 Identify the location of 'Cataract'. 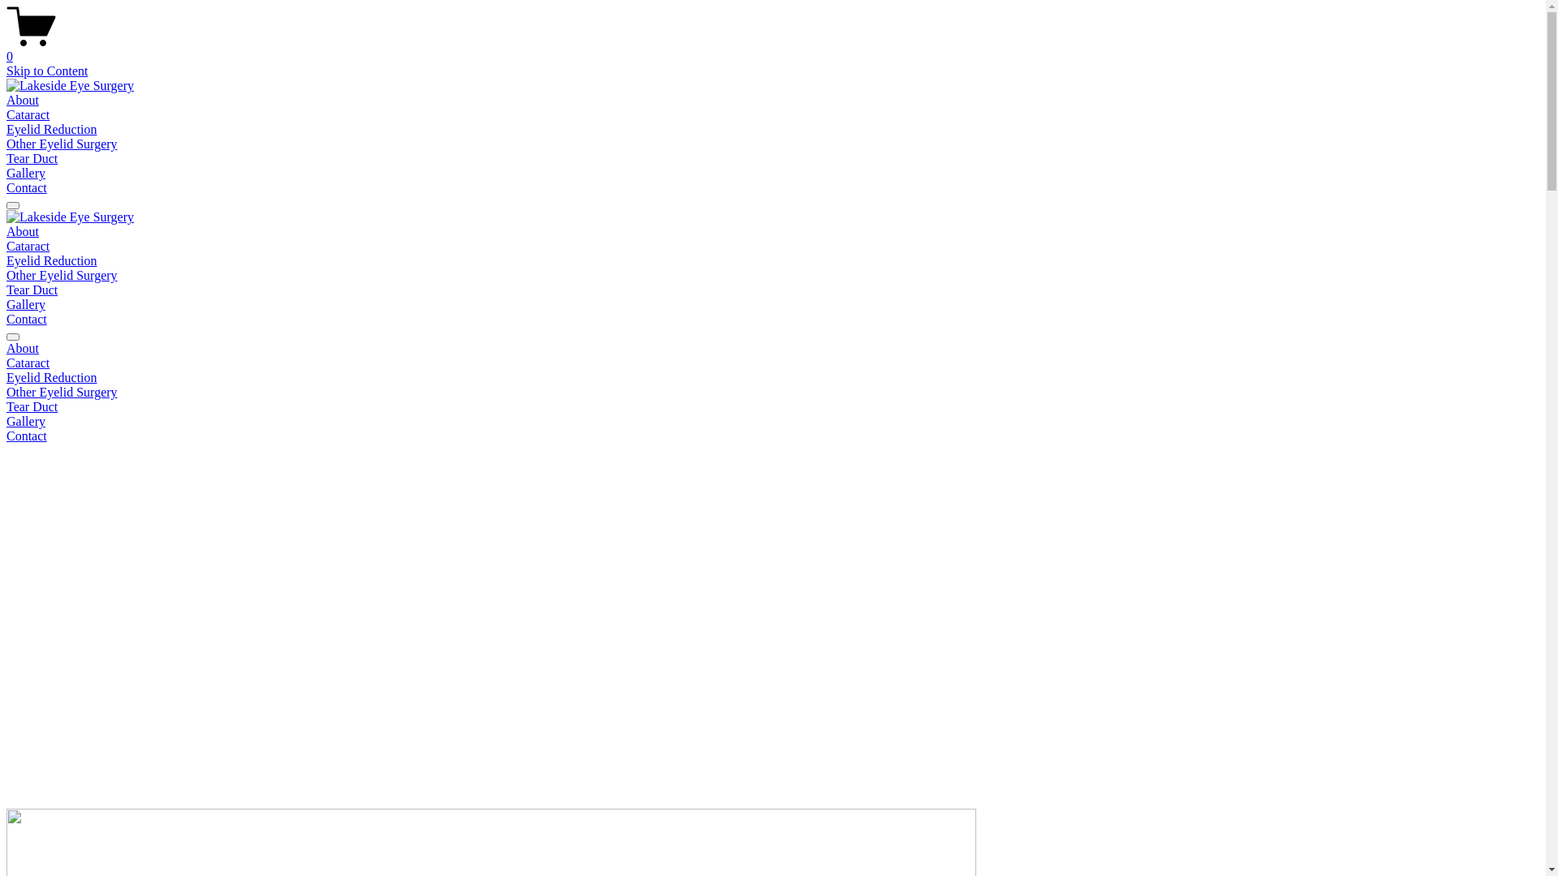
(28, 246).